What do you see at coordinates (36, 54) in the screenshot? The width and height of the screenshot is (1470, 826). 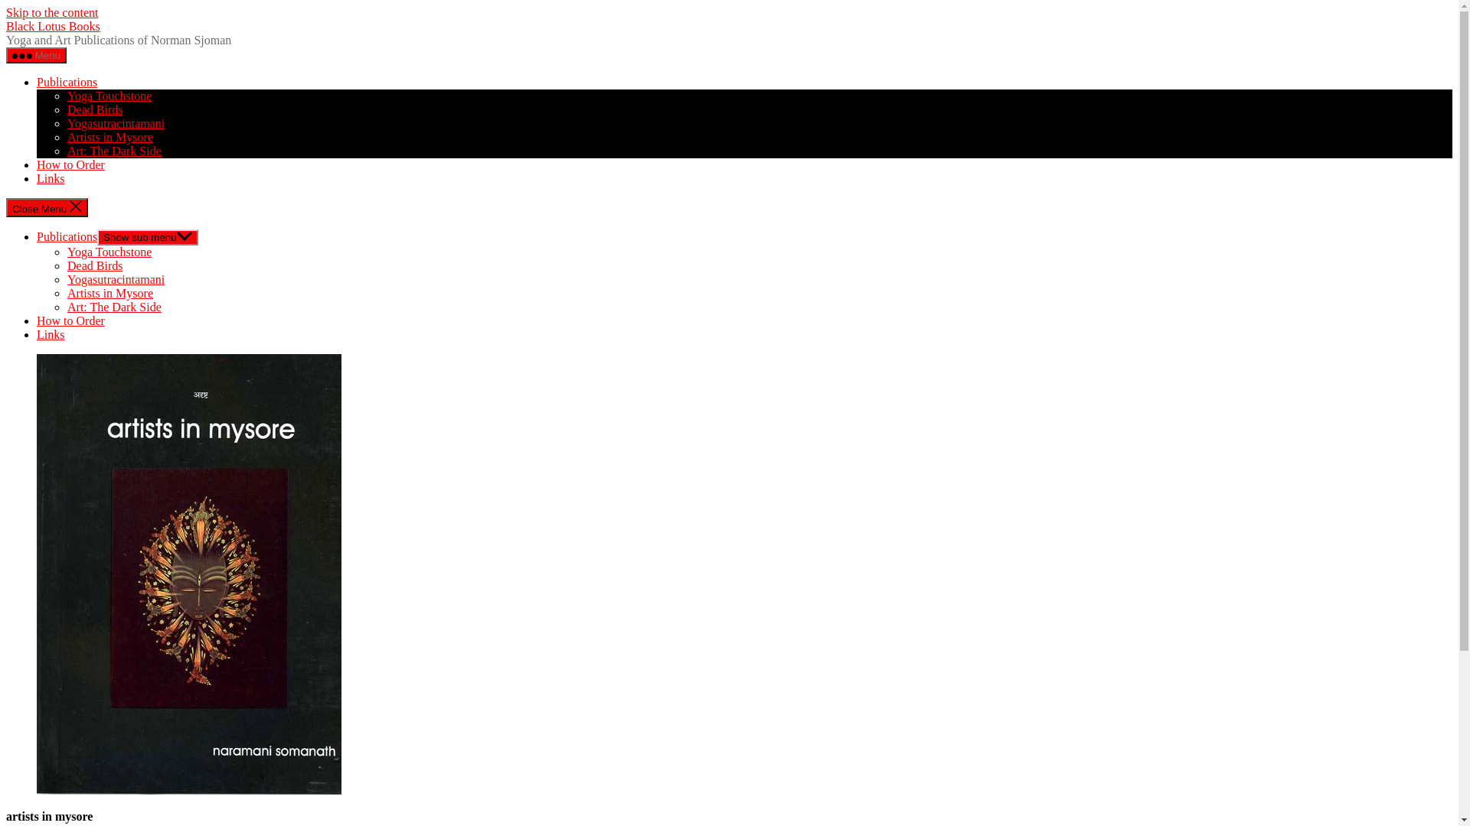 I see `'Menu'` at bounding box center [36, 54].